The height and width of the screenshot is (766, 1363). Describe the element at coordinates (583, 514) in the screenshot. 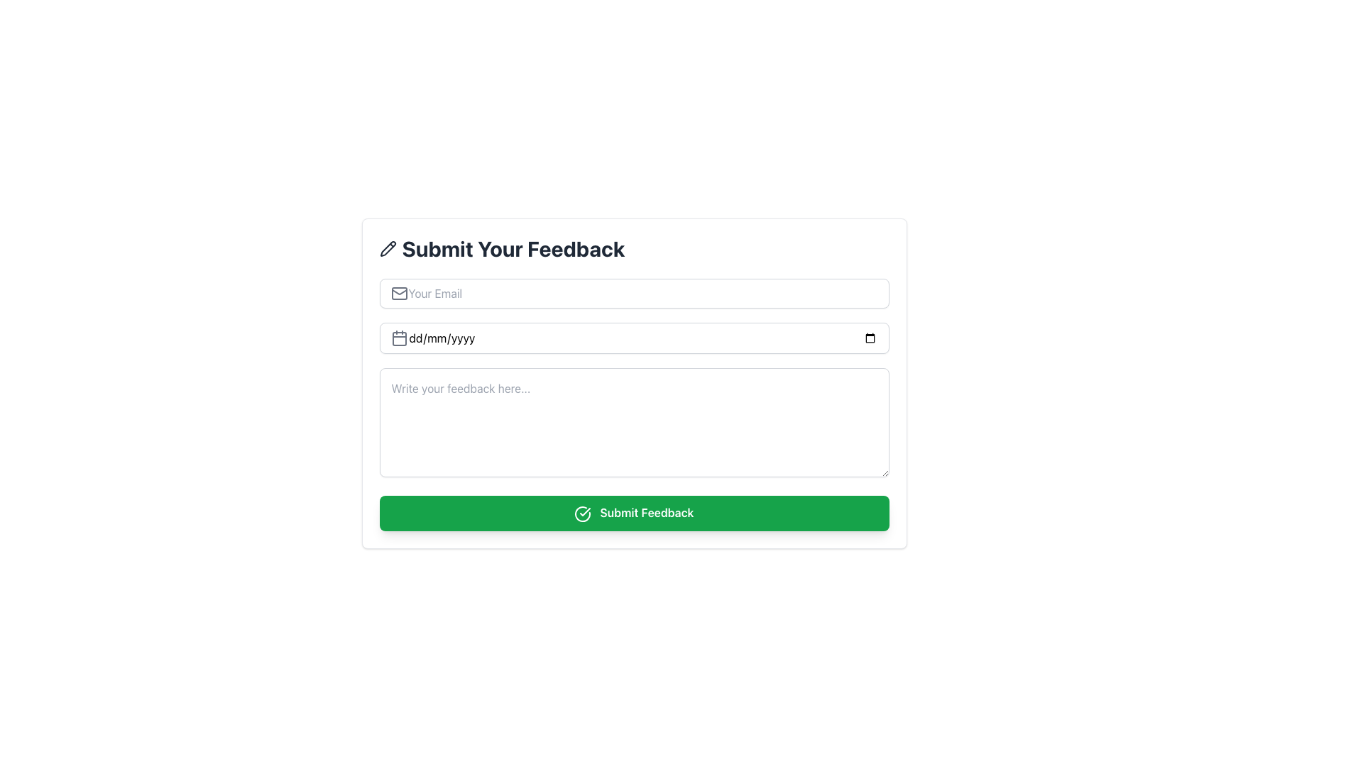

I see `the confirmation icon located on the left side of the 'Submit Feedback' button, which visually indicates approval` at that location.